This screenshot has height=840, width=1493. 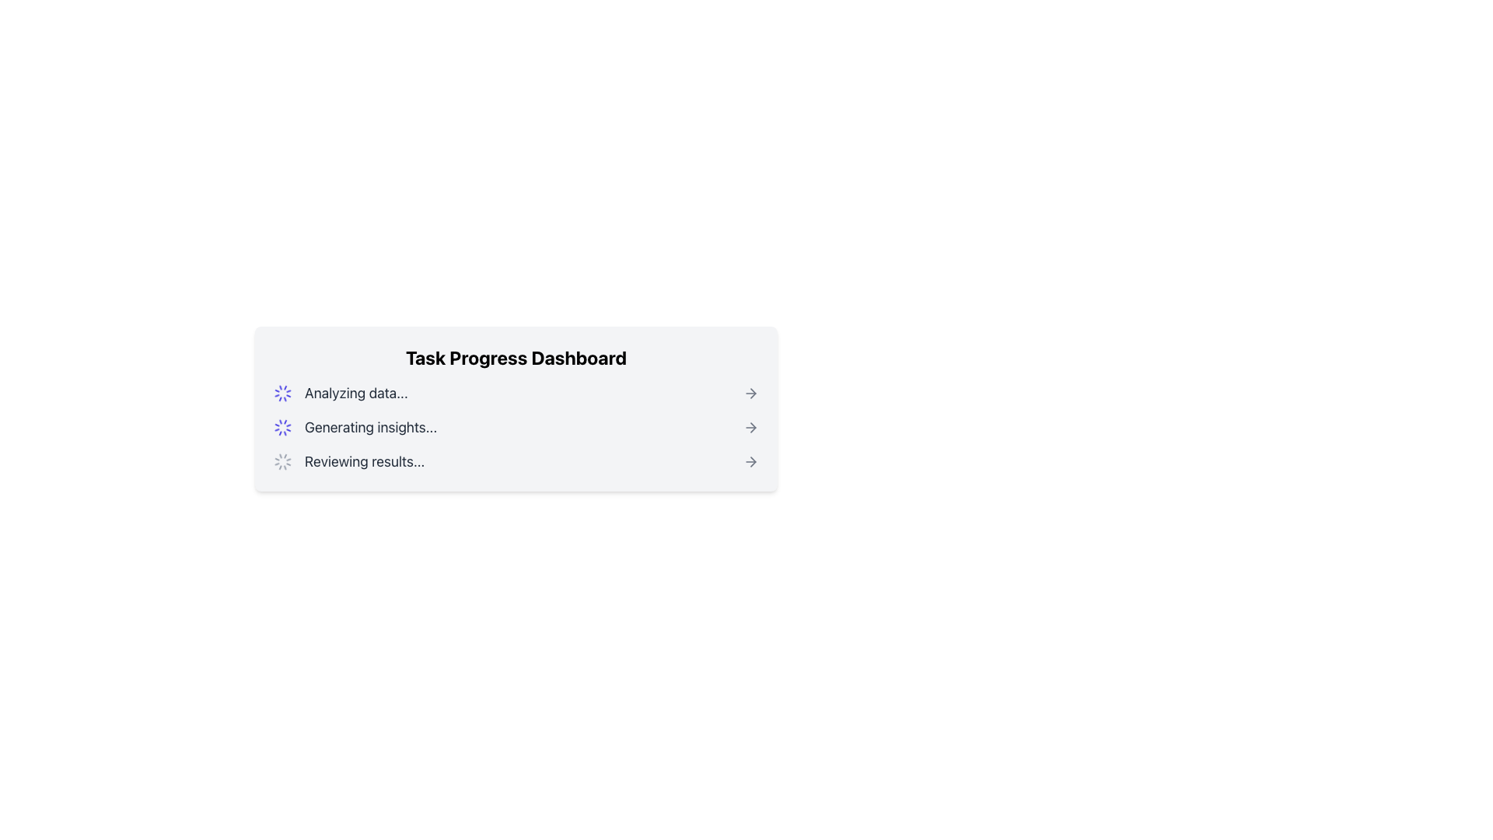 What do you see at coordinates (283, 461) in the screenshot?
I see `the circular gray spinner icon located to the left of the text 'Reviewing results...'` at bounding box center [283, 461].